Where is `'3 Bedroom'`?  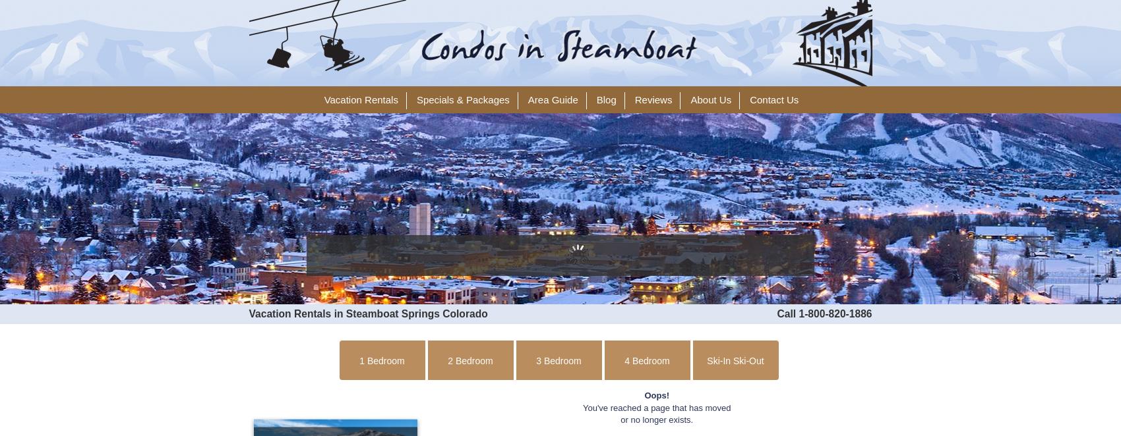 '3 Bedroom' is located at coordinates (557, 361).